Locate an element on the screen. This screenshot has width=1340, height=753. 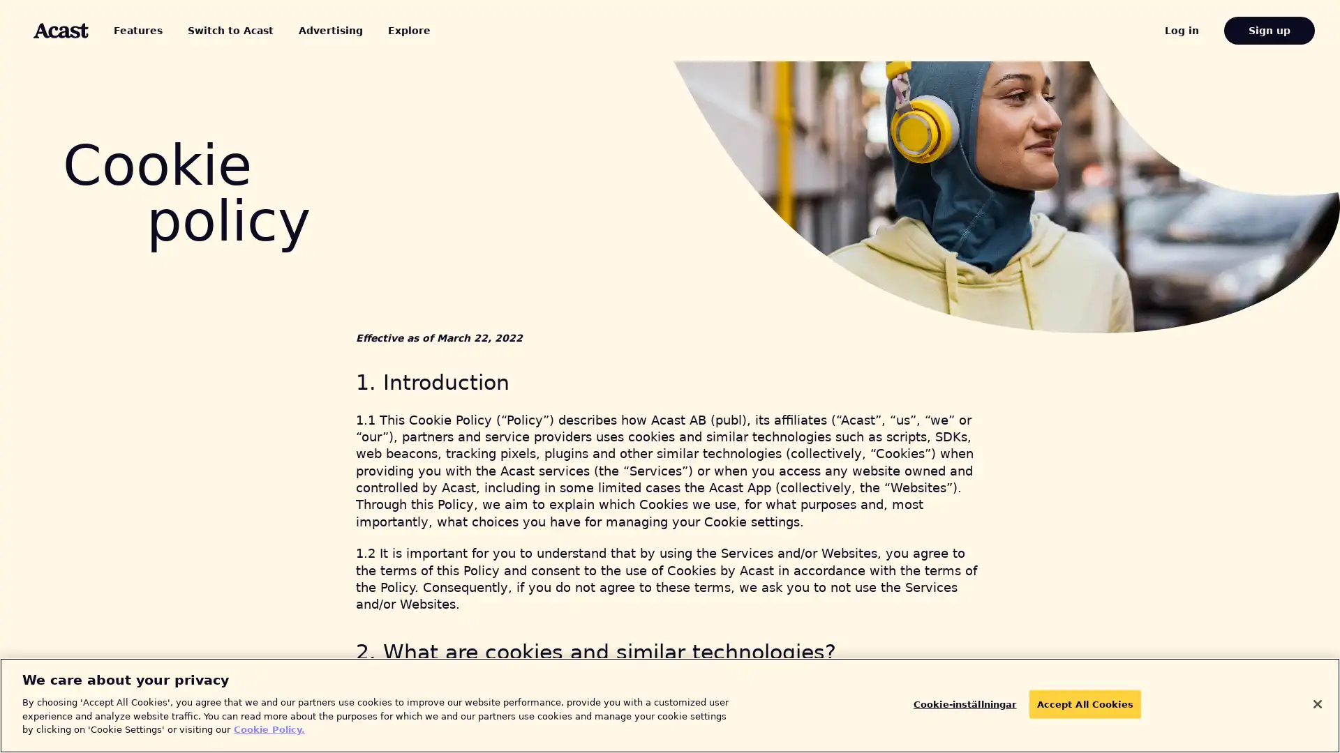
Switch to Acast is located at coordinates (214, 30).